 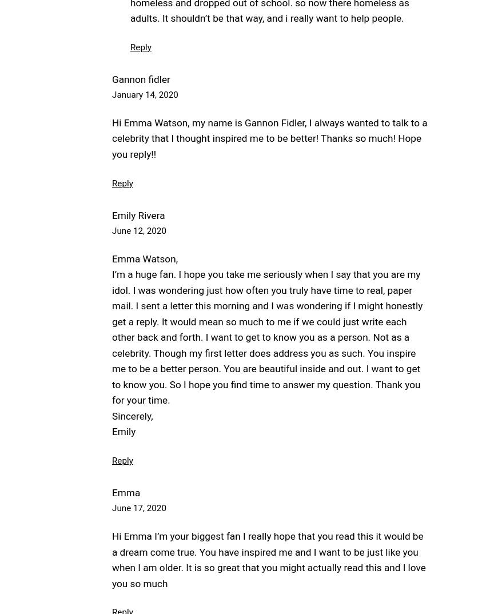 What do you see at coordinates (145, 94) in the screenshot?
I see `'January 14, 2020'` at bounding box center [145, 94].